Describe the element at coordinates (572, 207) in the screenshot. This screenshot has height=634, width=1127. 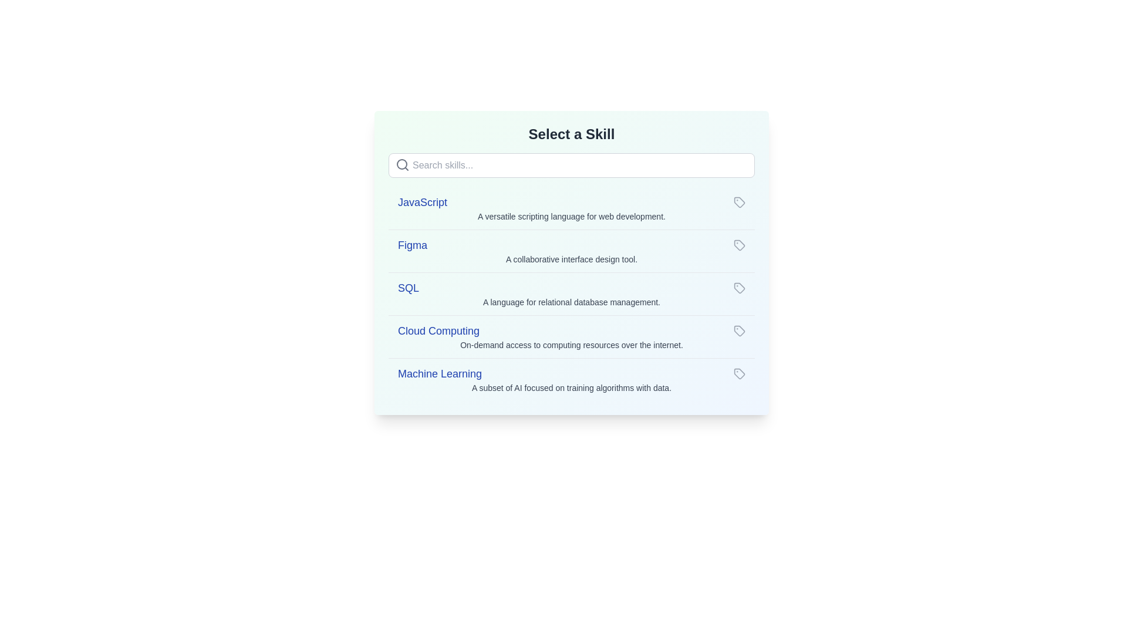
I see `the List item titled 'JavaScript' which includes a bold blue title, a gray description, and a tag icon on the right` at that location.